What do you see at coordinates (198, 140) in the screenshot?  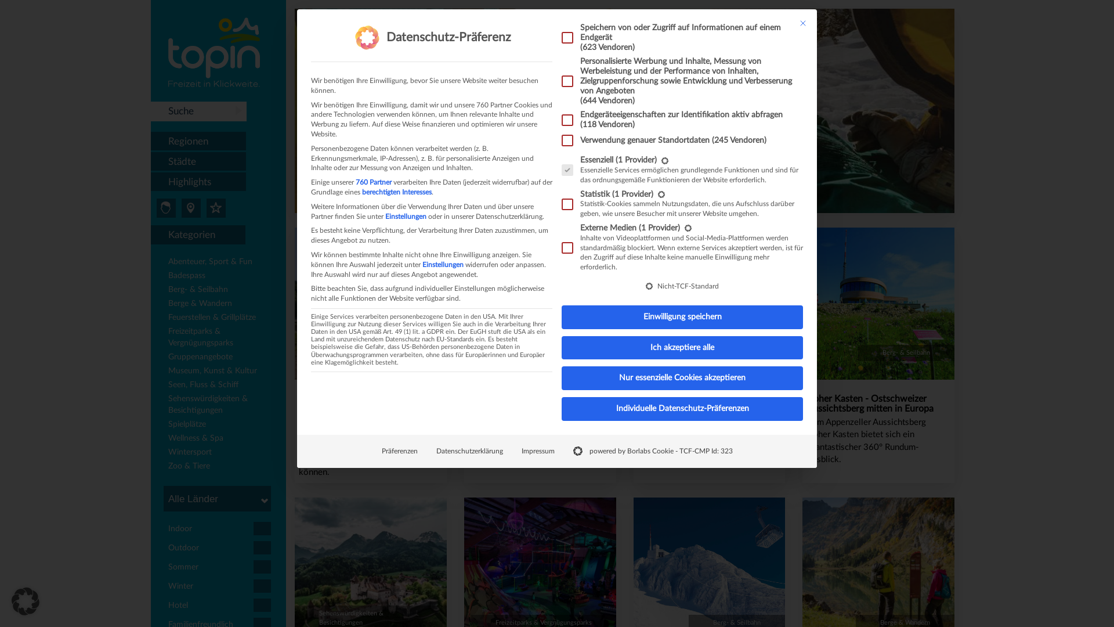 I see `'Regionen'` at bounding box center [198, 140].